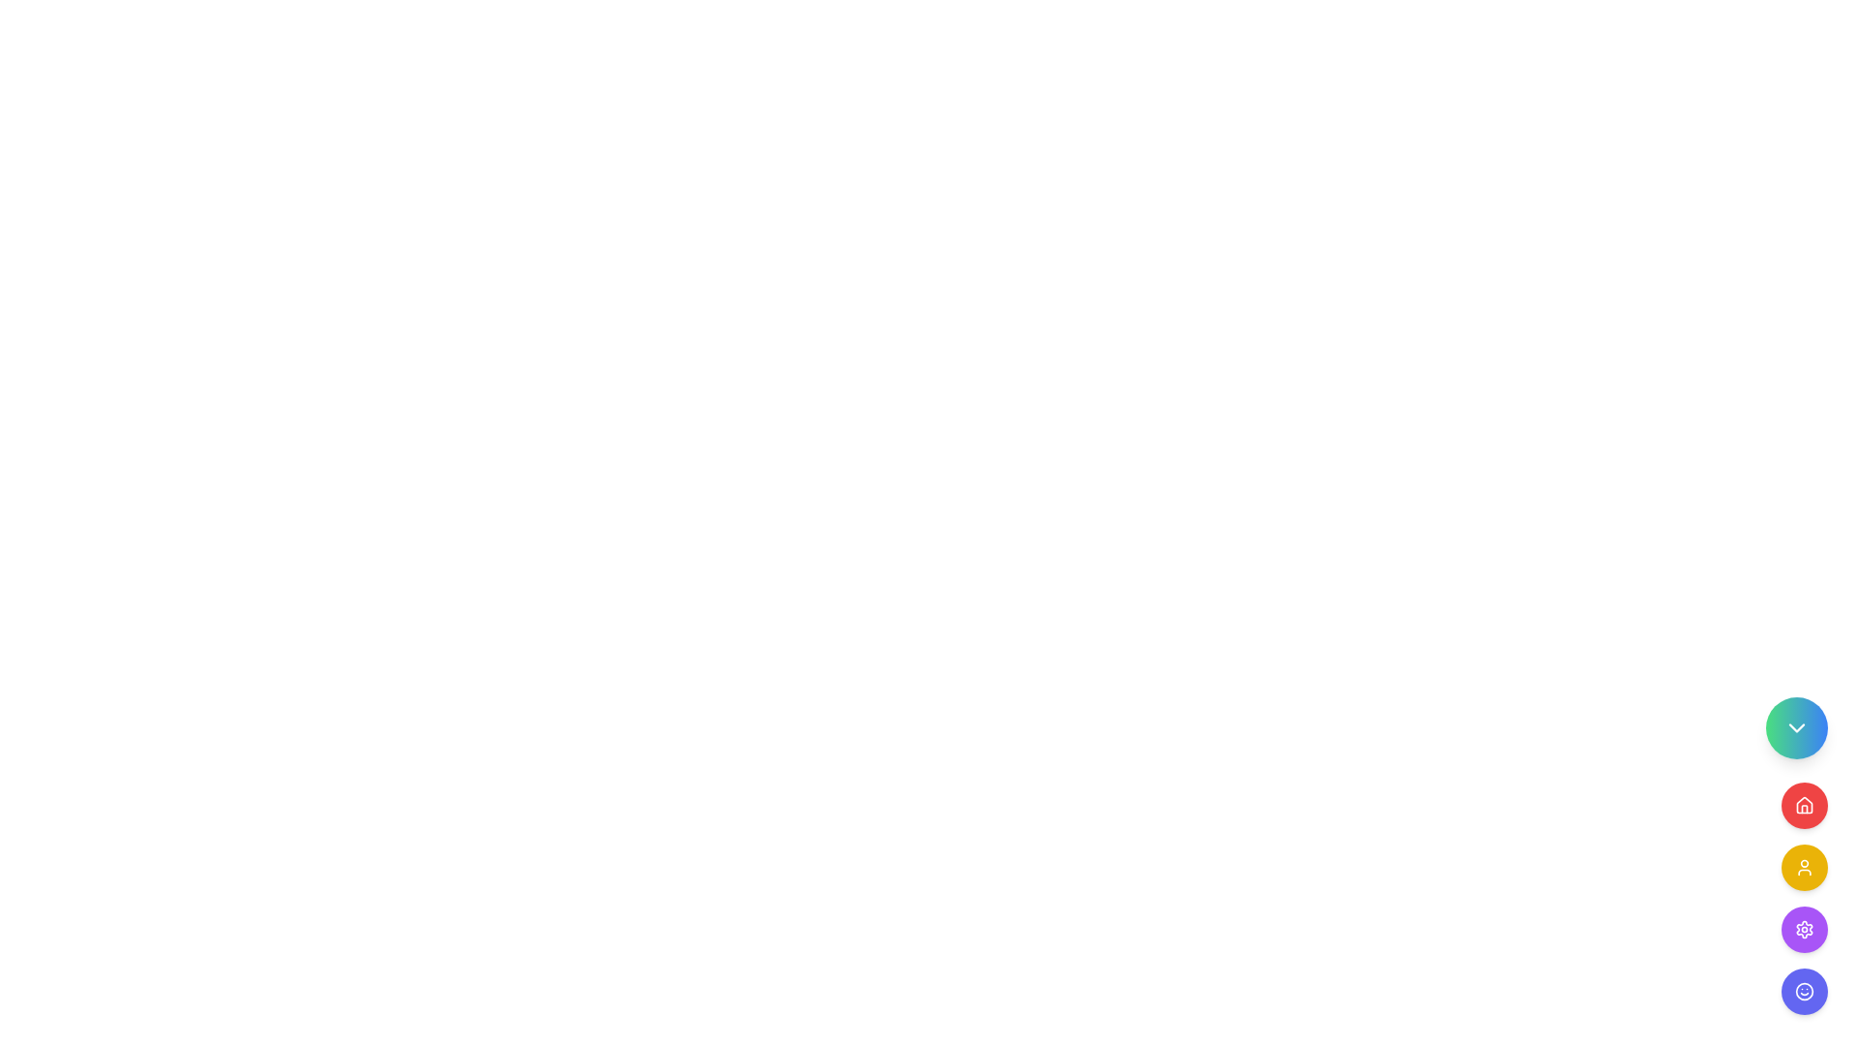 The image size is (1859, 1046). Describe the element at coordinates (1803, 806) in the screenshot. I see `the glossy red circular button with a white house-shaped icon` at that location.